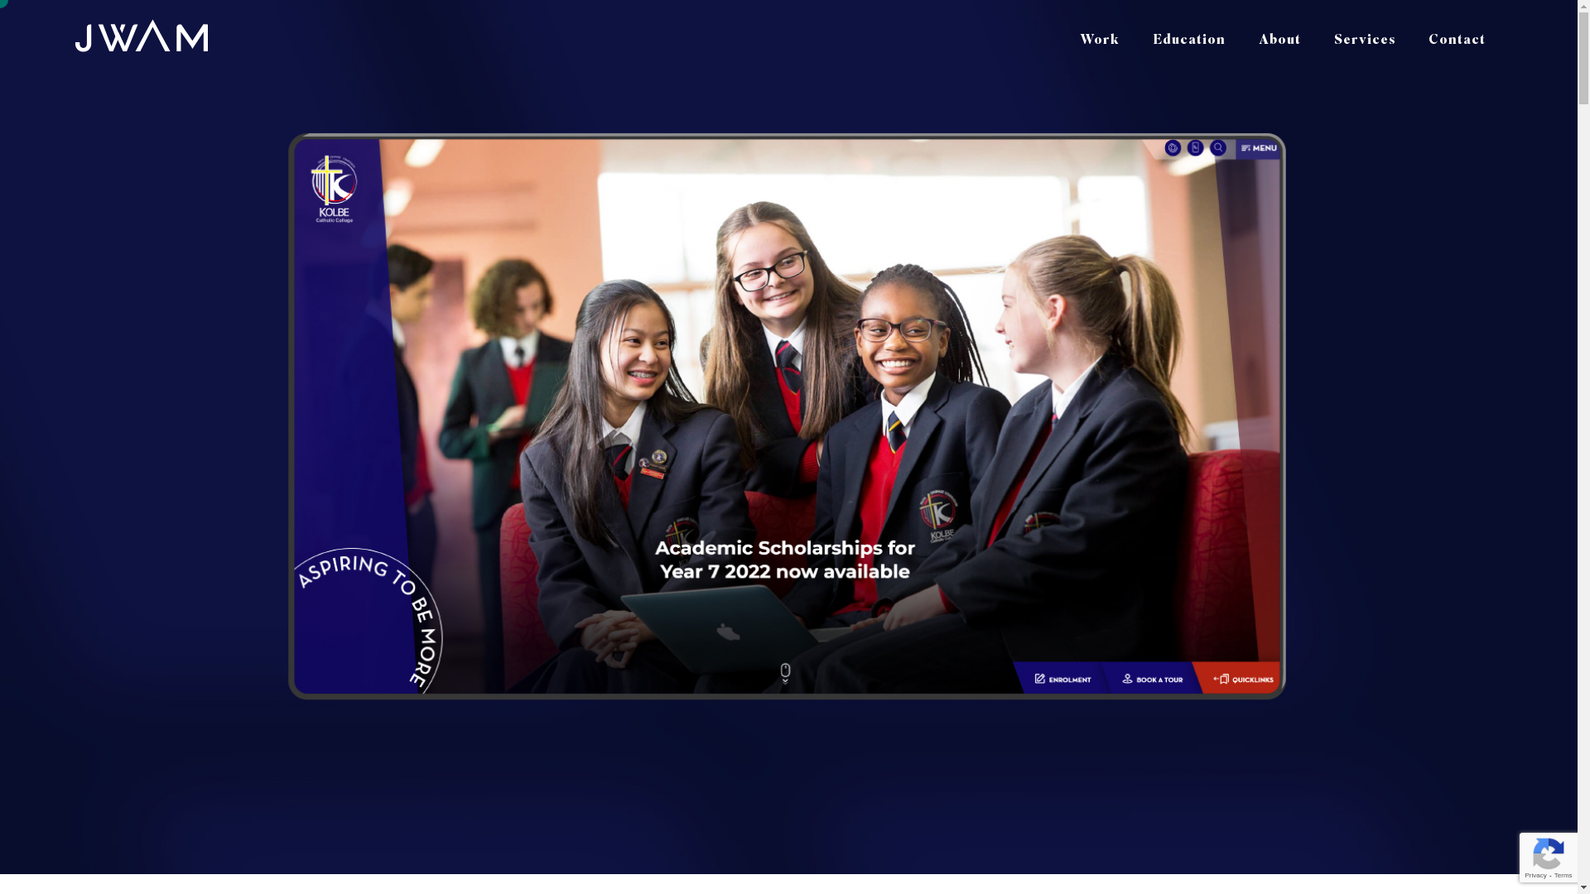 The height and width of the screenshot is (894, 1590). I want to click on 'Education', so click(1188, 35).